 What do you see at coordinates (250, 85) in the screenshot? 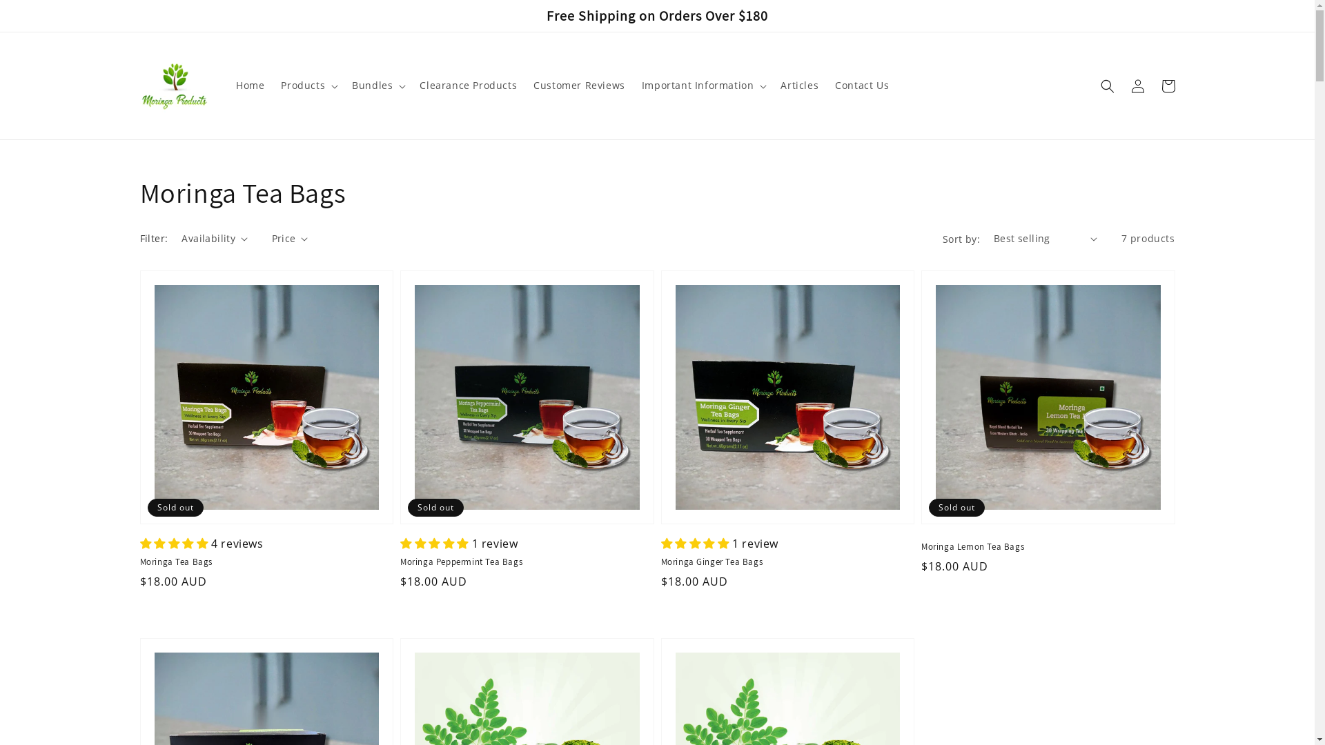
I see `'Home'` at bounding box center [250, 85].